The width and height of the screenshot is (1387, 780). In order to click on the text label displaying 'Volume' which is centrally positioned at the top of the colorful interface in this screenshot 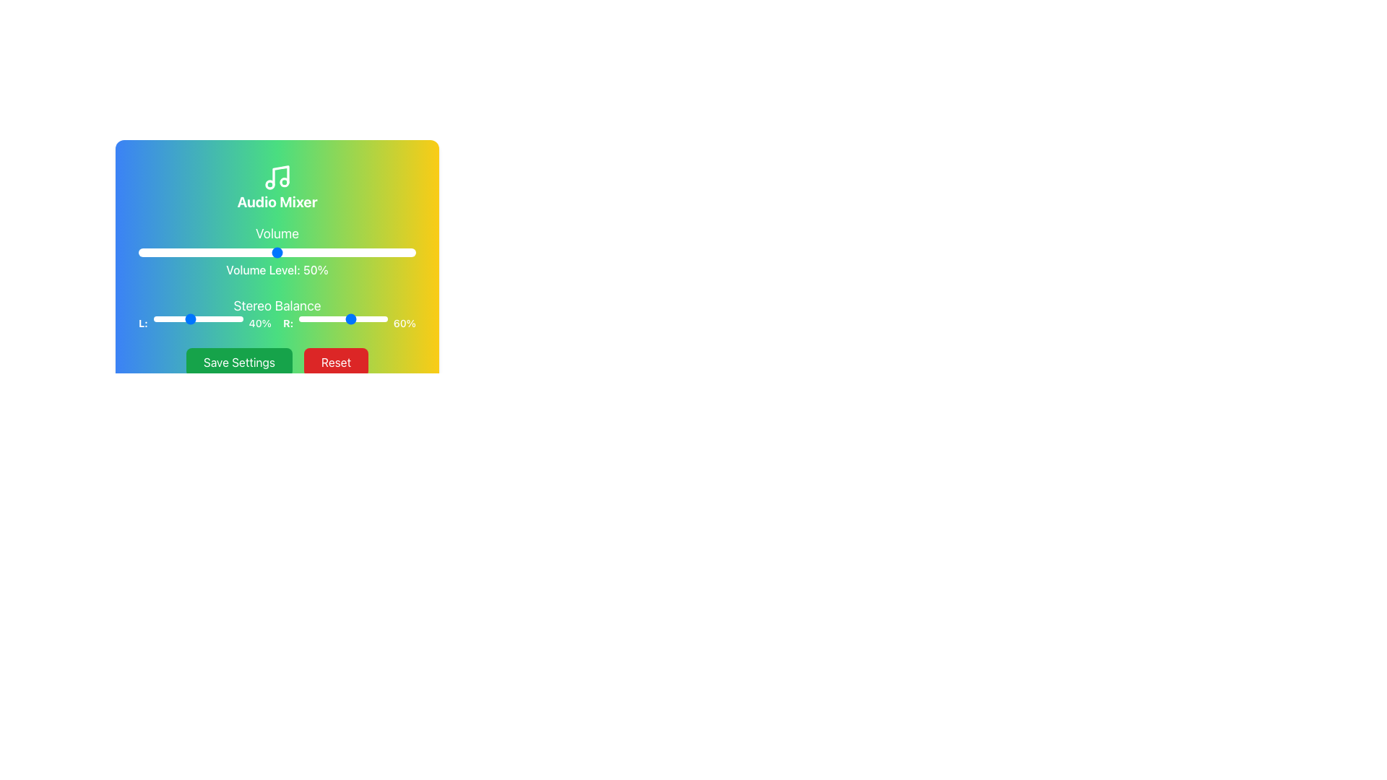, I will do `click(277, 233)`.